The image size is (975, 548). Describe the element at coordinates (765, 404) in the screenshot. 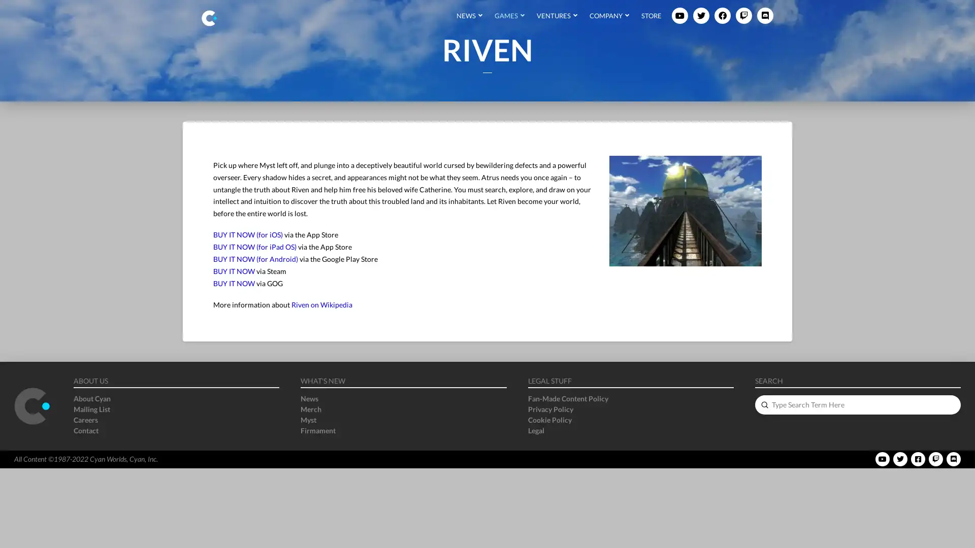

I see `Submit` at that location.